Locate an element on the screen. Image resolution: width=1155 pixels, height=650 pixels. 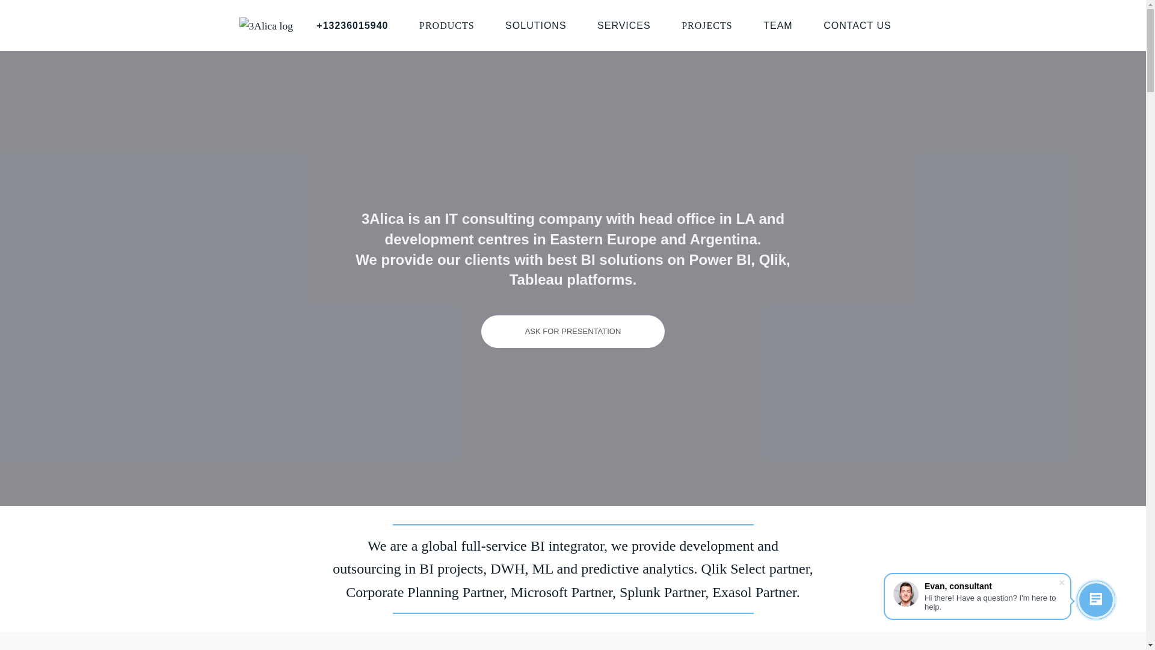
'ASK FOR PRESENTATION' is located at coordinates (573, 332).